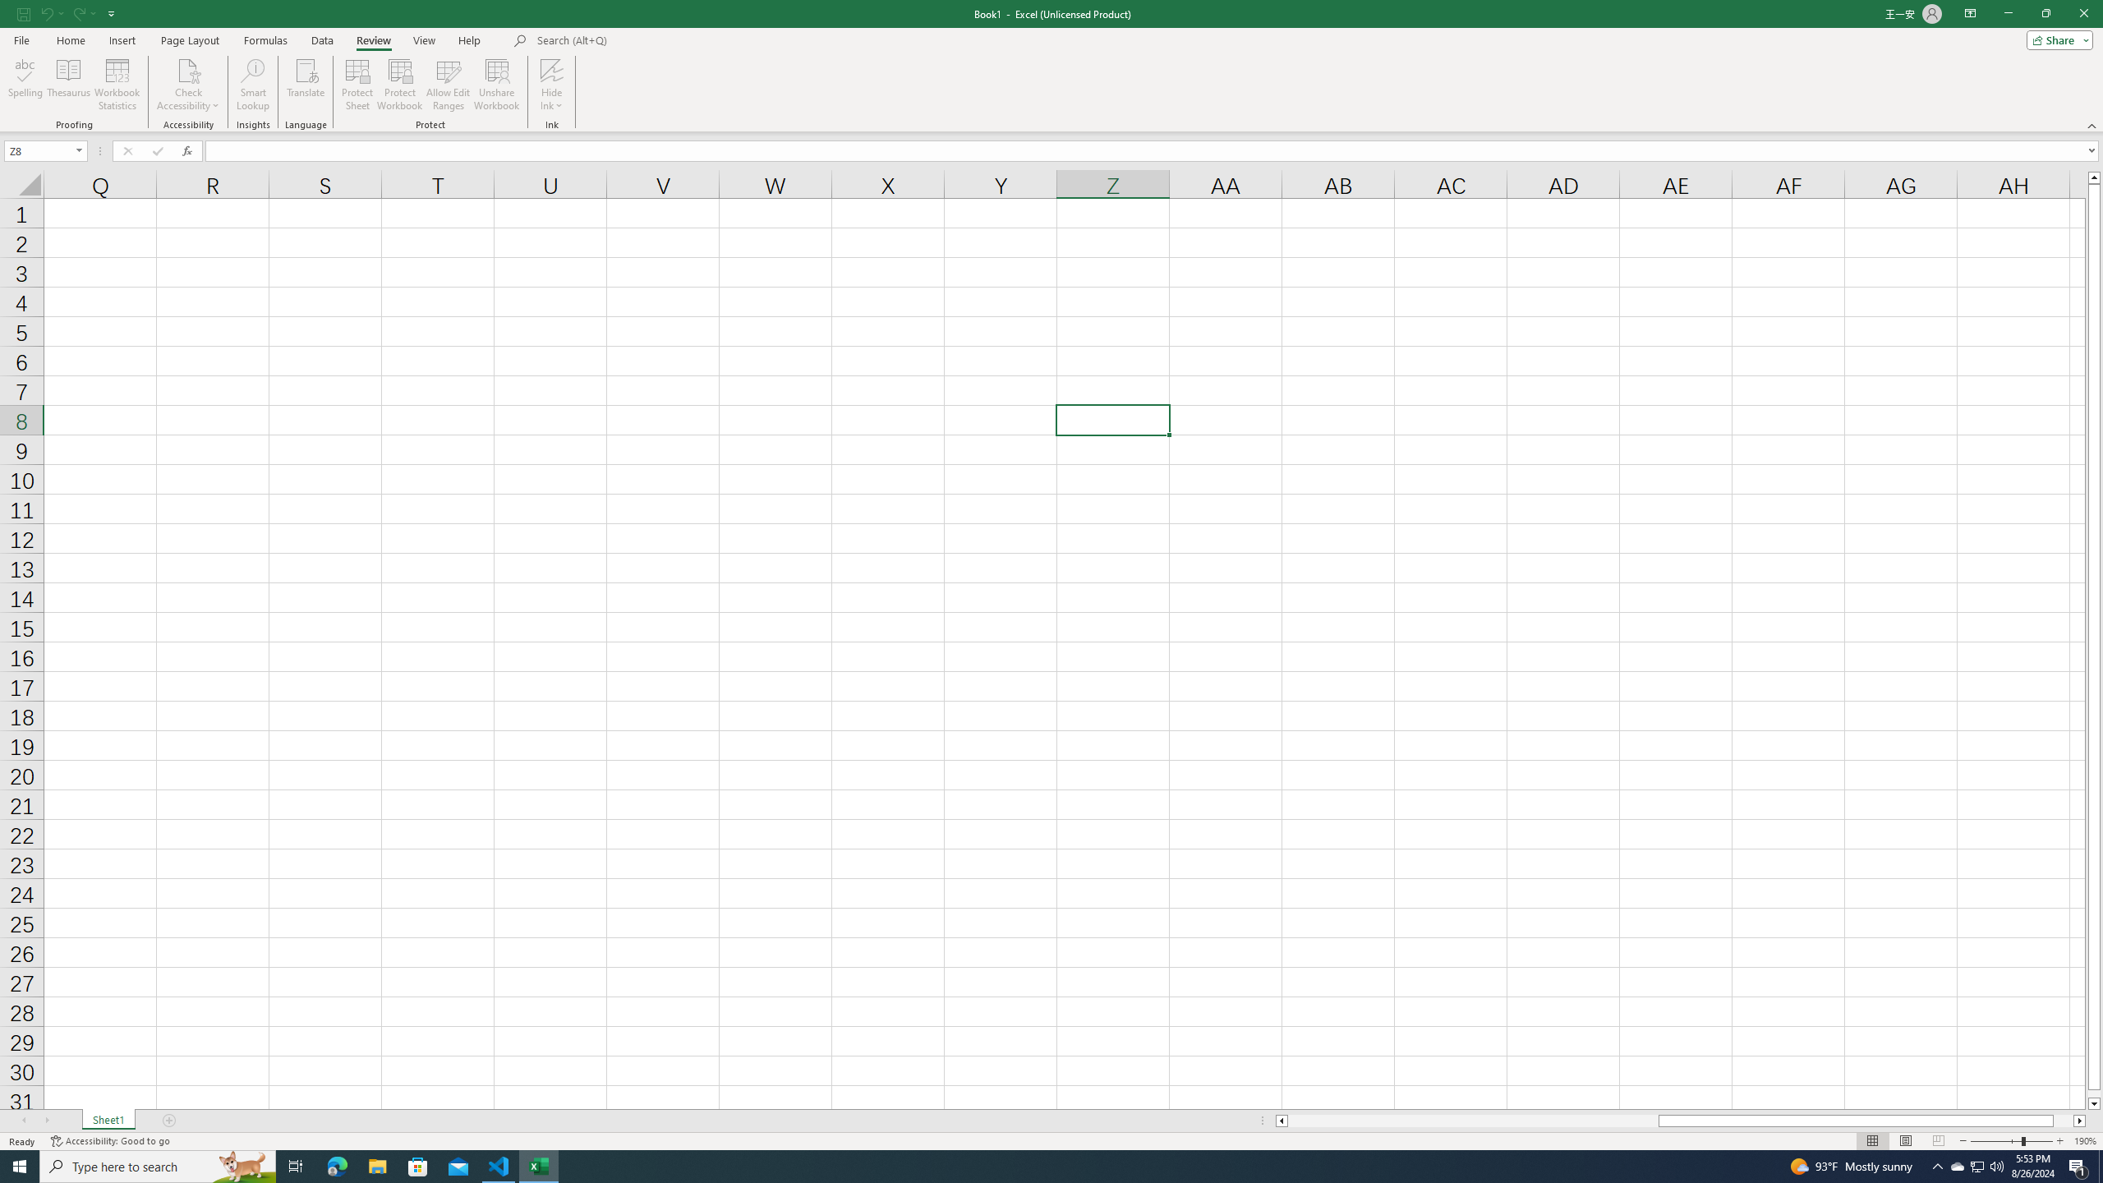  What do you see at coordinates (2045, 13) in the screenshot?
I see `'Restore Down'` at bounding box center [2045, 13].